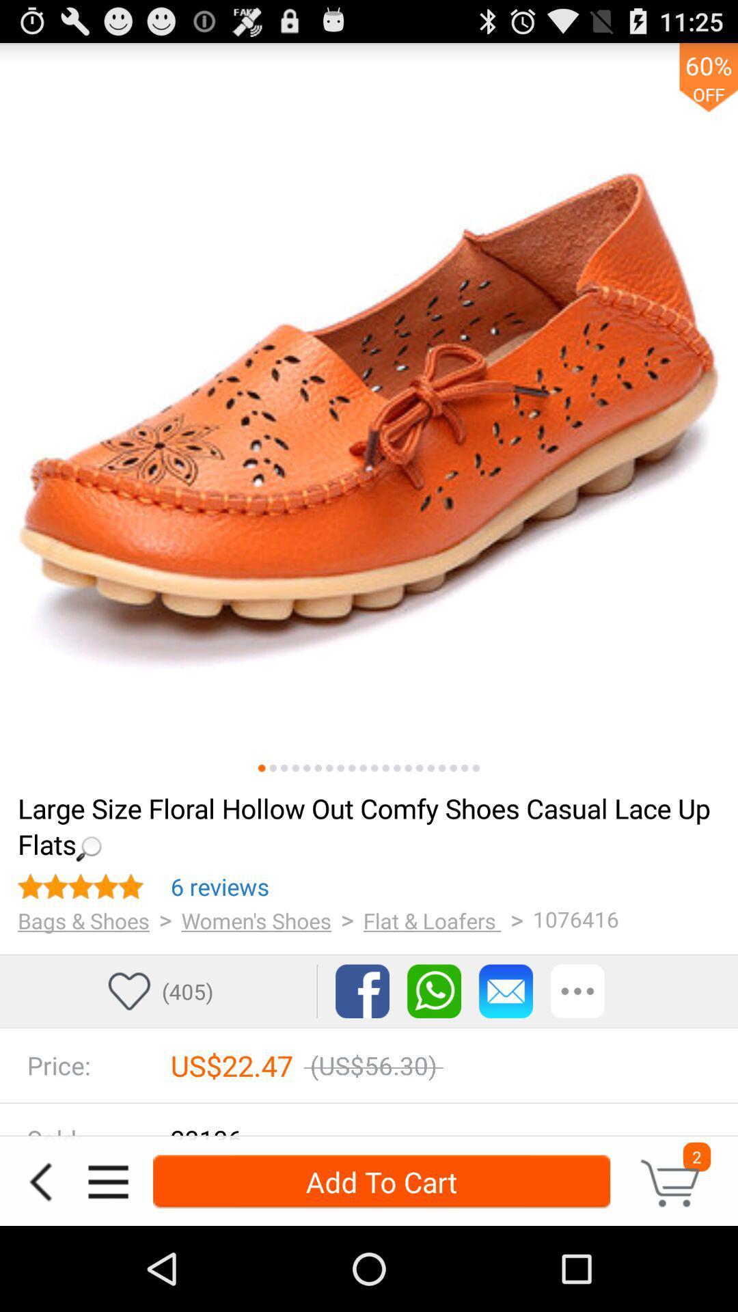 The image size is (738, 1312). What do you see at coordinates (397, 768) in the screenshot?
I see `page selector` at bounding box center [397, 768].